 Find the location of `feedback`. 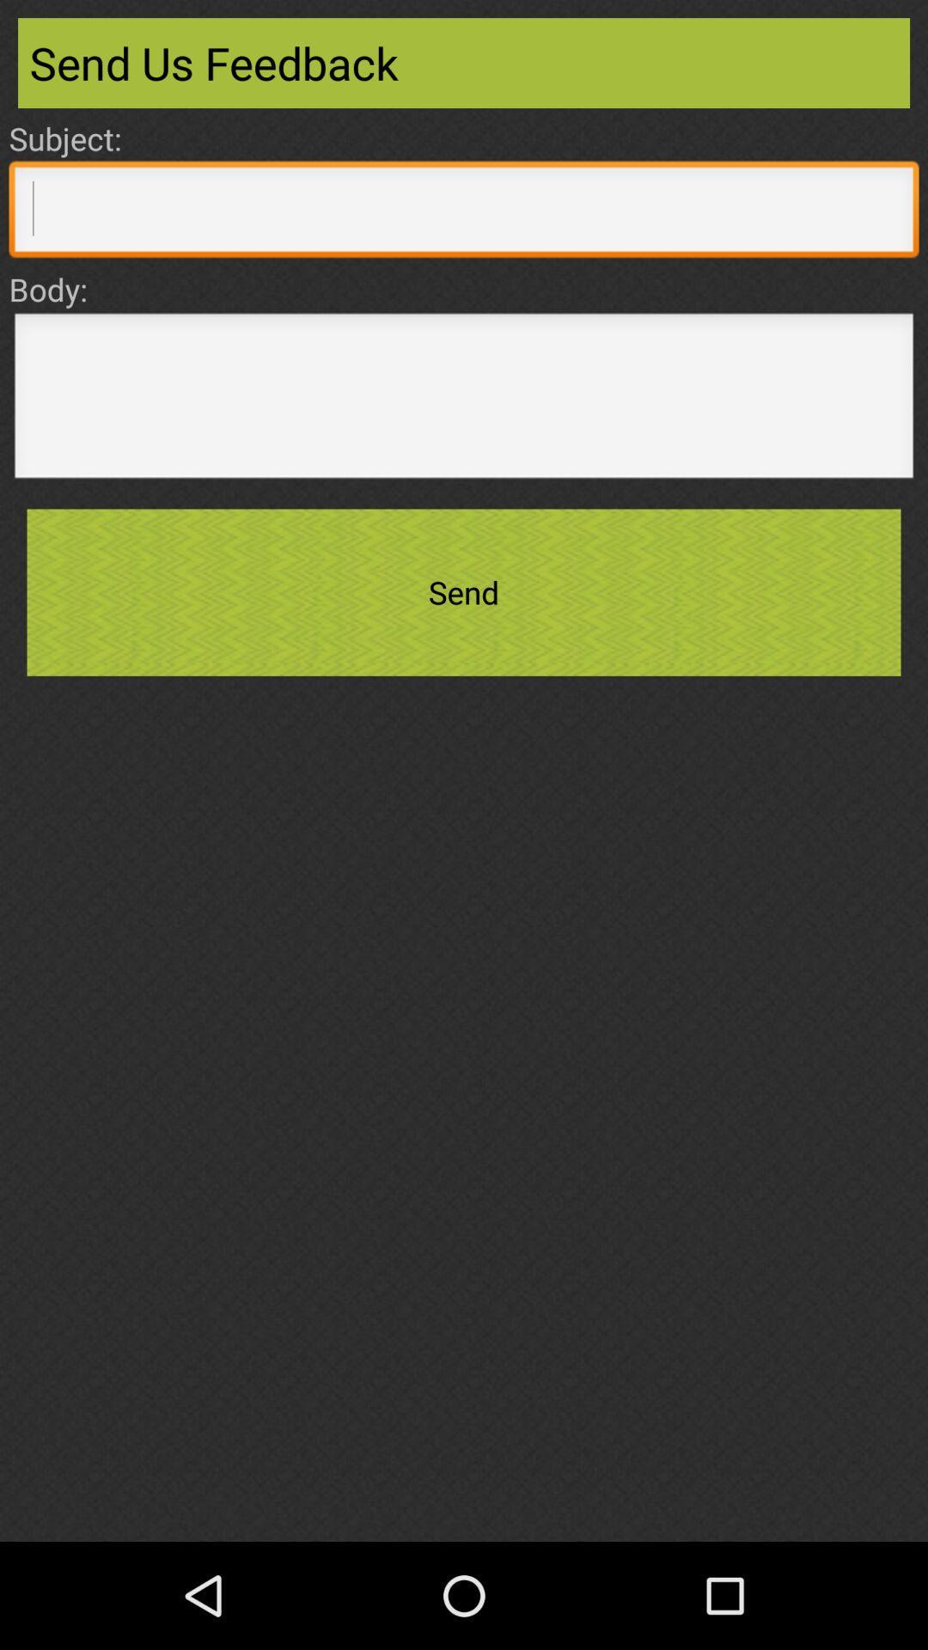

feedback is located at coordinates (464, 400).